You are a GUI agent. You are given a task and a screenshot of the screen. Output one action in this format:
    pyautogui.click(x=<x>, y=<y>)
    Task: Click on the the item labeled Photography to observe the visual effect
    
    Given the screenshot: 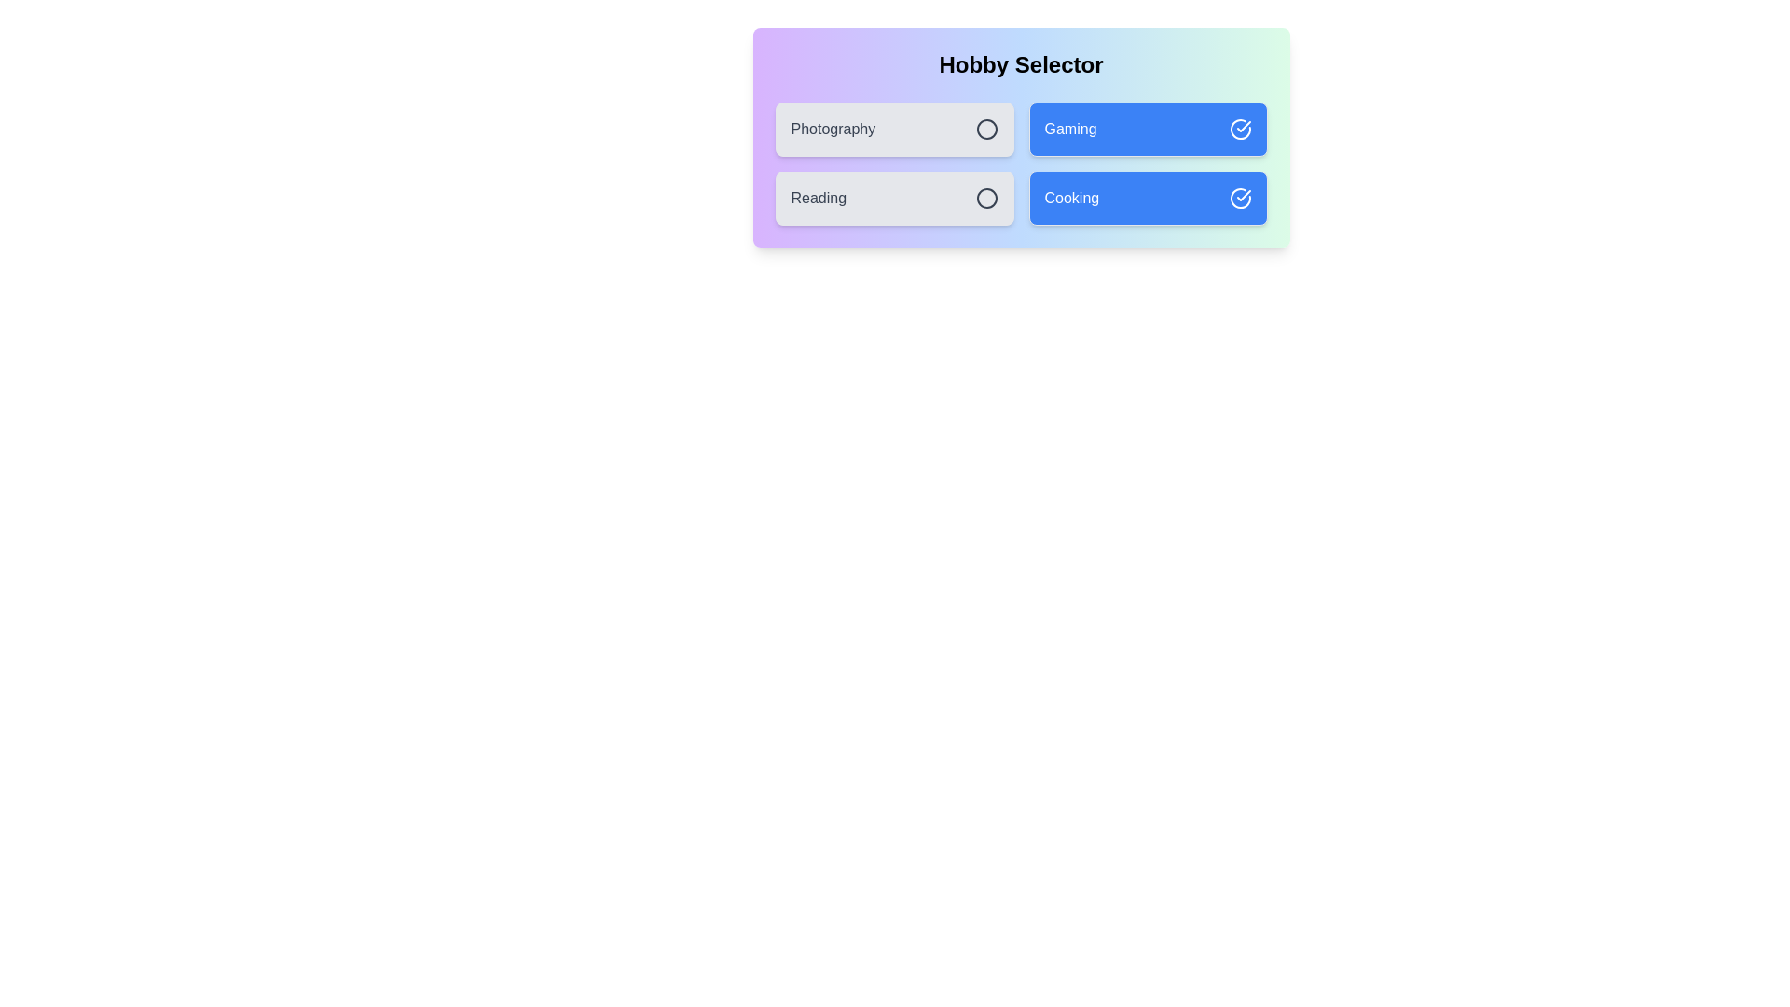 What is the action you would take?
    pyautogui.click(x=893, y=128)
    